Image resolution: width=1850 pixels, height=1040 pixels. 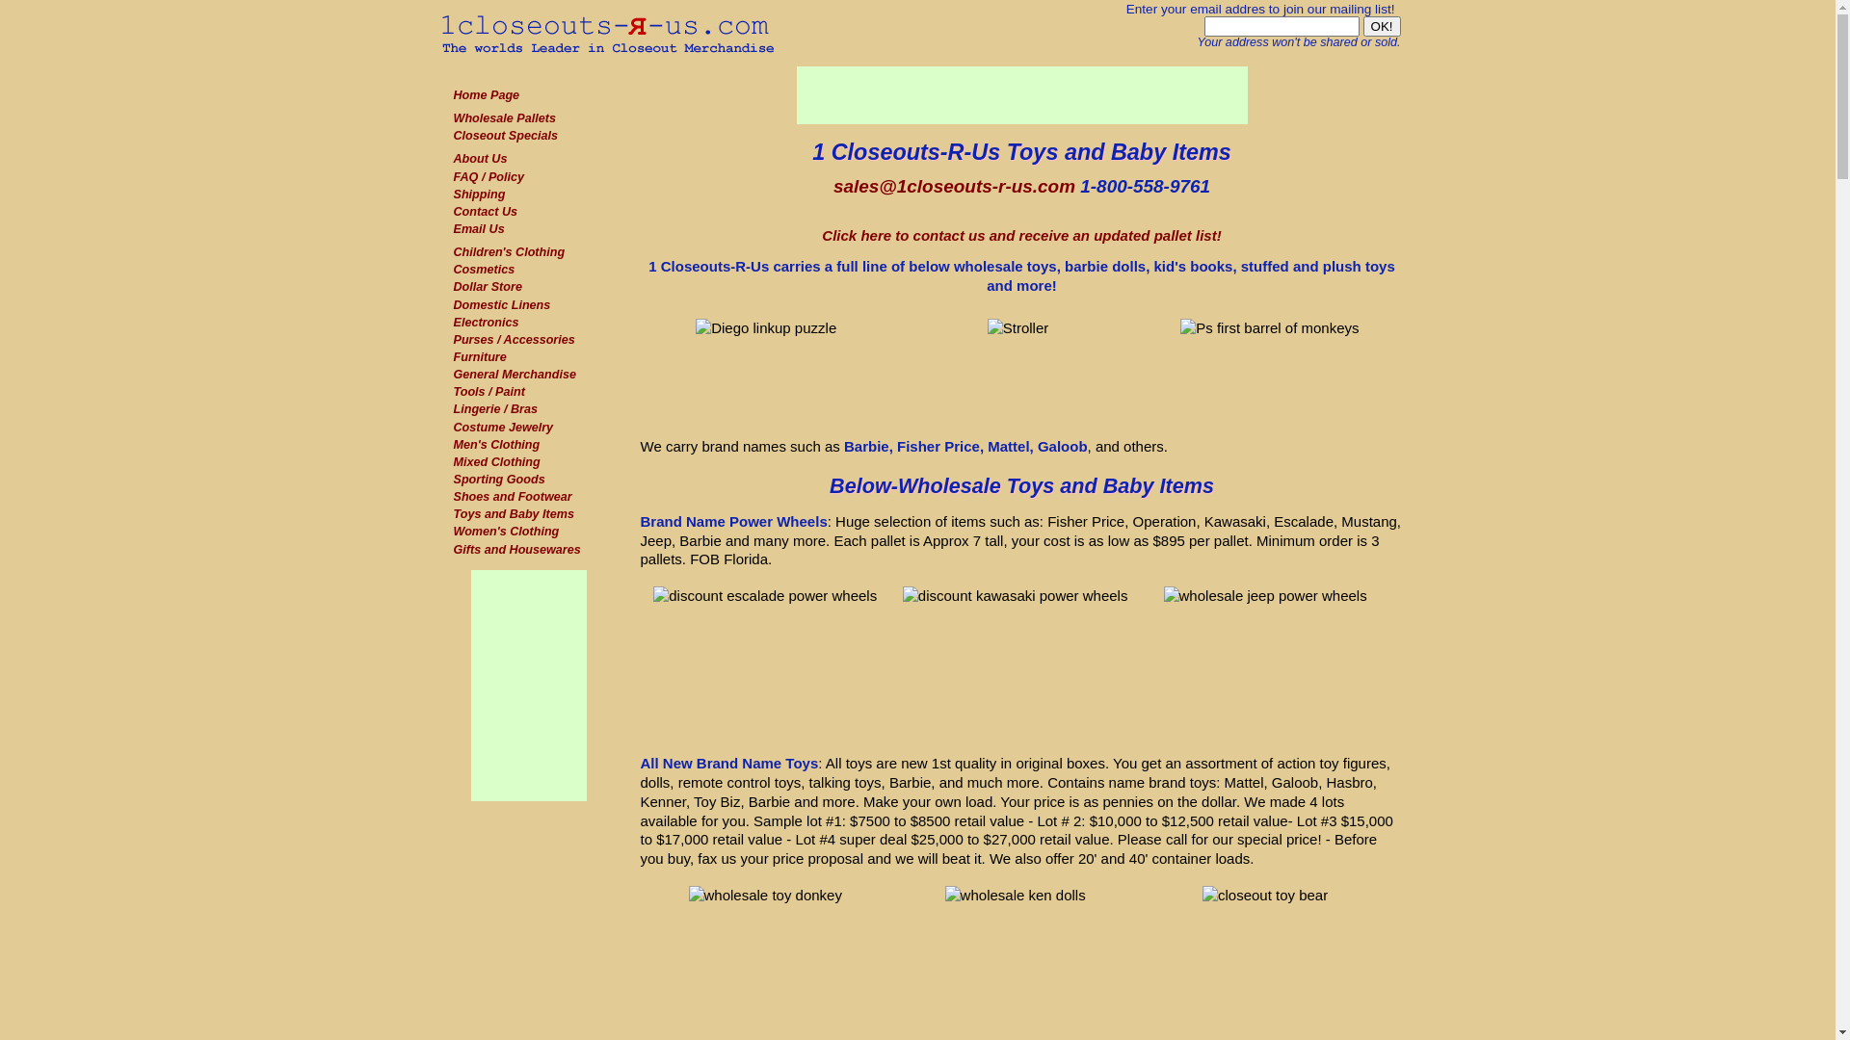 What do you see at coordinates (486, 95) in the screenshot?
I see `'Home Page'` at bounding box center [486, 95].